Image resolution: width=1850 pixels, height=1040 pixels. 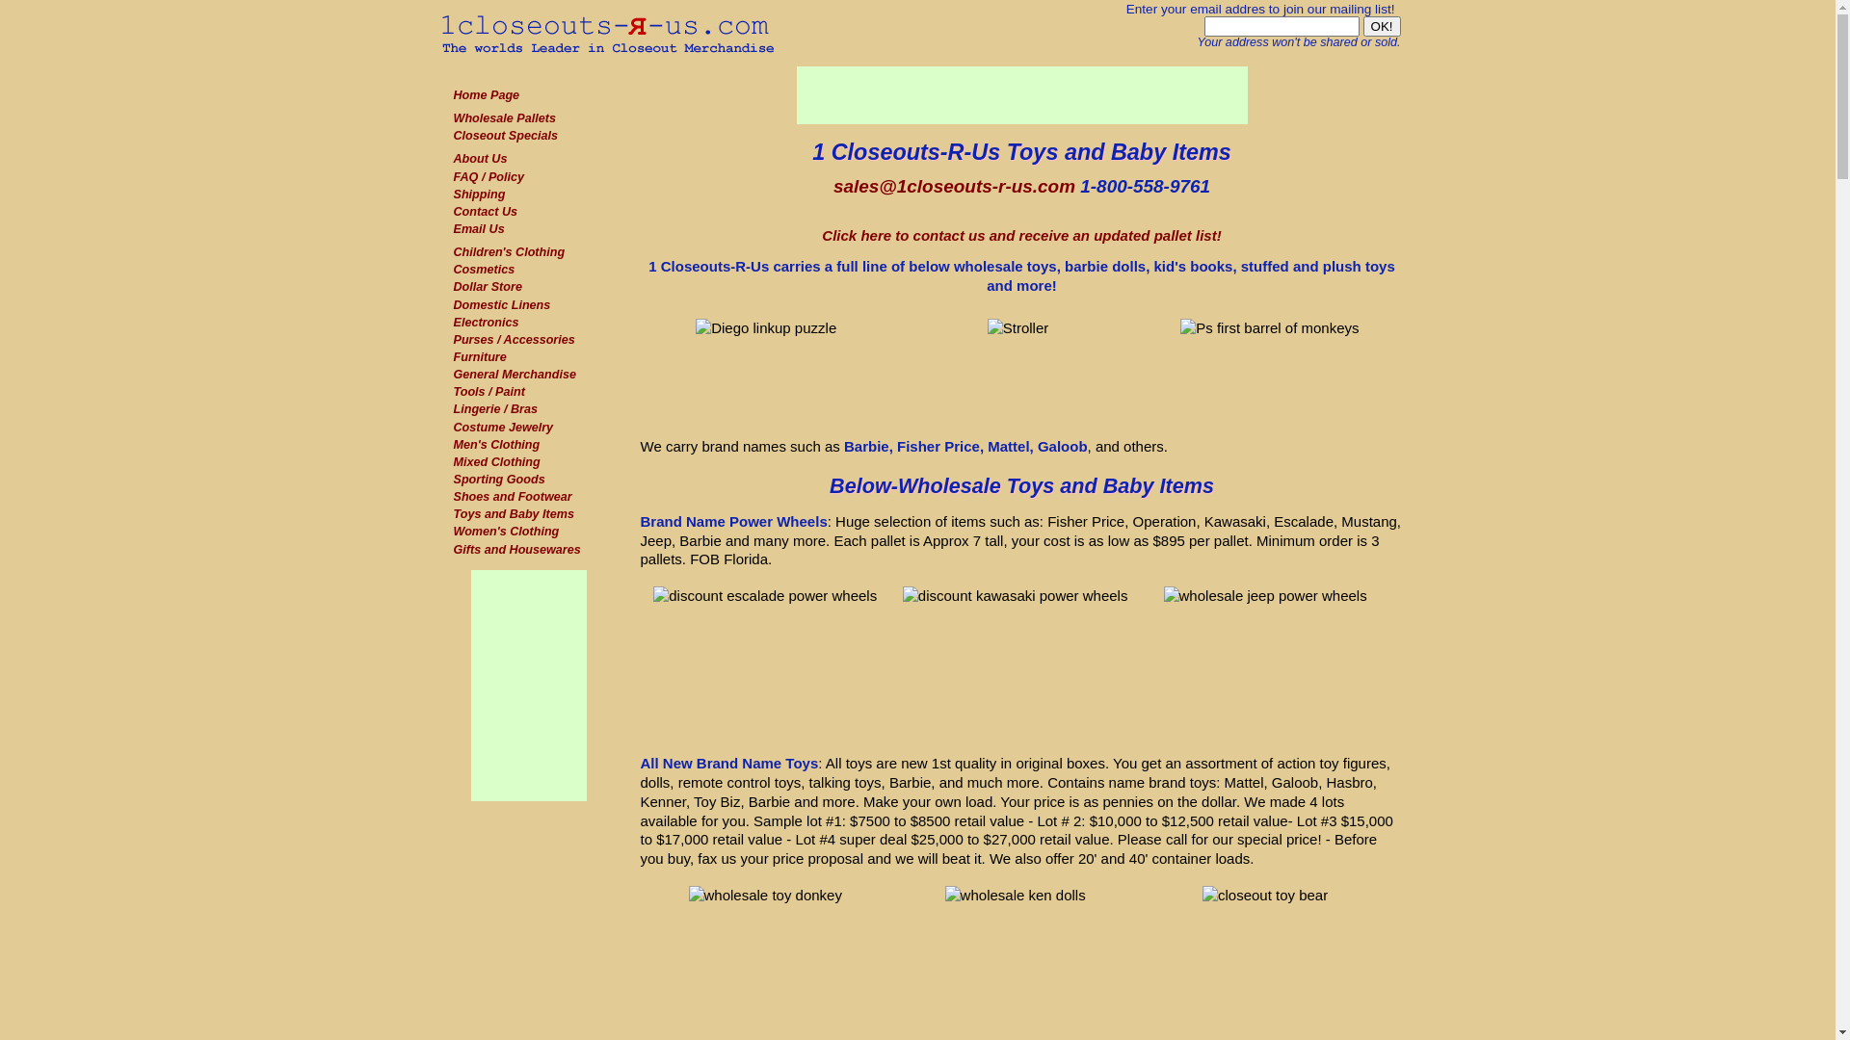 What do you see at coordinates (486, 95) in the screenshot?
I see `'Home Page'` at bounding box center [486, 95].